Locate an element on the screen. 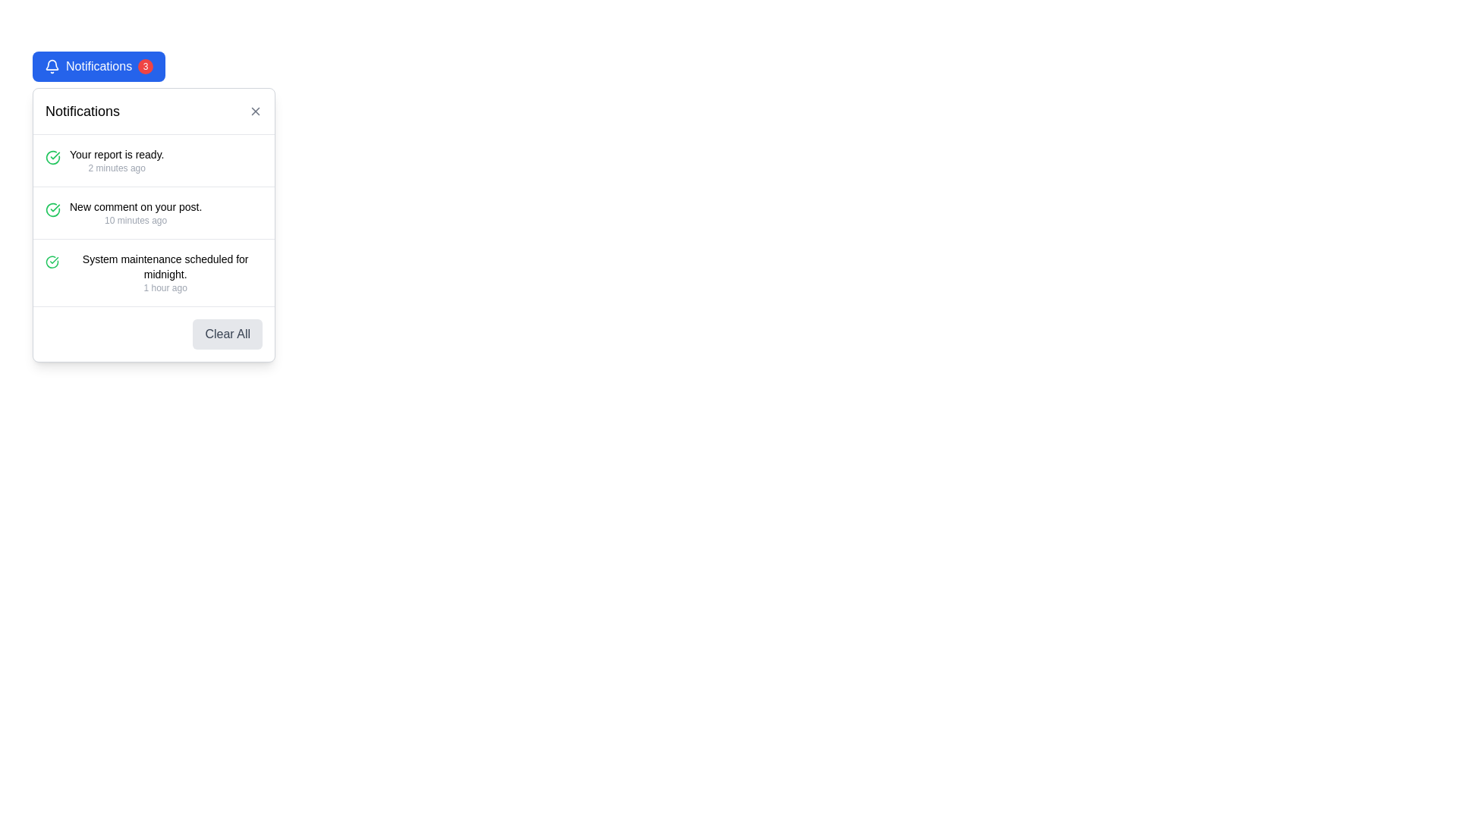  the status notification icon indicating success or completion located at the start of the notification text 'System maintenance scheduled for midnight. 1 hour ago.' is located at coordinates (52, 262).